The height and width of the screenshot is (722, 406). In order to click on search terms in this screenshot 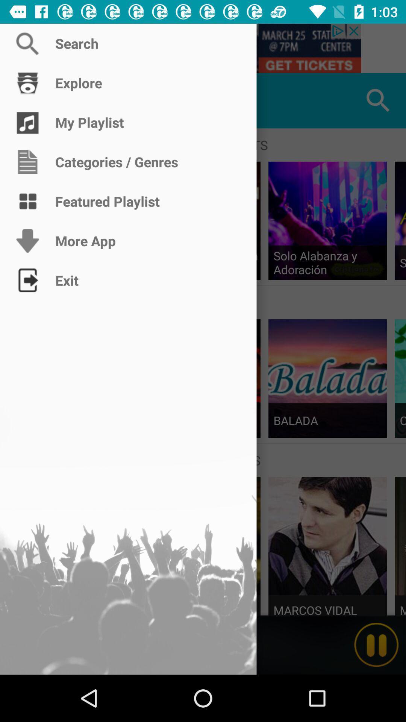, I will do `click(203, 48)`.